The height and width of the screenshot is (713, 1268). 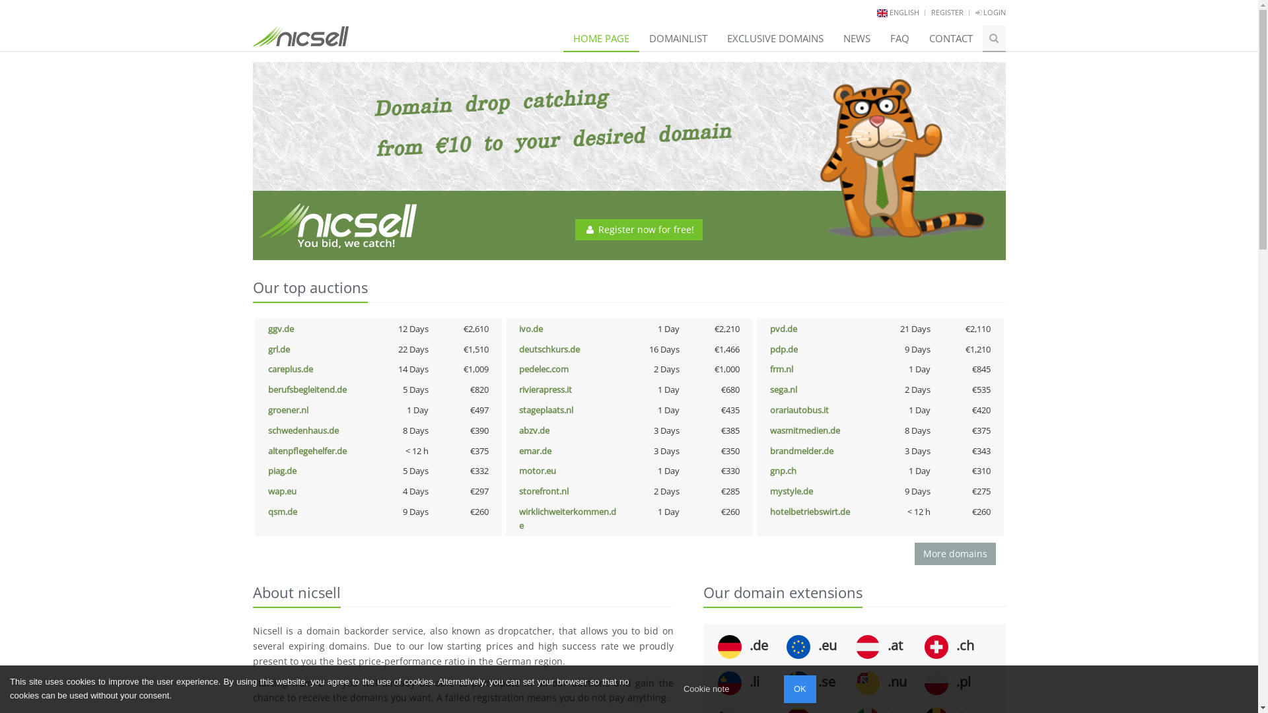 What do you see at coordinates (903, 12) in the screenshot?
I see `'ENGLISH'` at bounding box center [903, 12].